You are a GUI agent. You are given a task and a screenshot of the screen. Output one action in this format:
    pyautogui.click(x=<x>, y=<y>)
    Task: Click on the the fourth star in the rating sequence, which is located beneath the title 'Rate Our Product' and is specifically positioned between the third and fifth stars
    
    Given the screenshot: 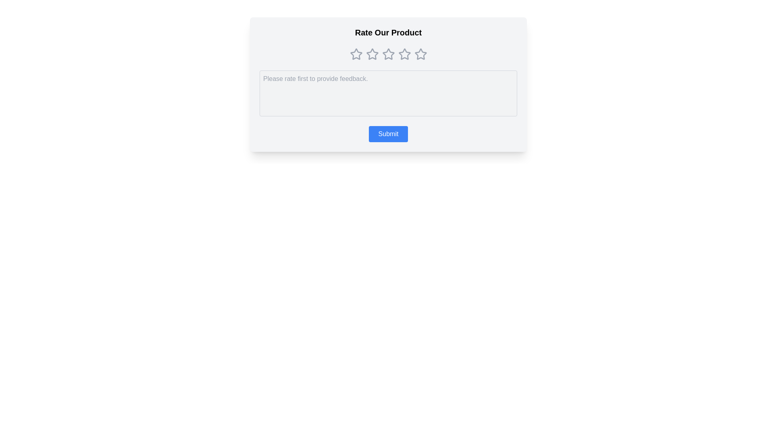 What is the action you would take?
    pyautogui.click(x=404, y=54)
    